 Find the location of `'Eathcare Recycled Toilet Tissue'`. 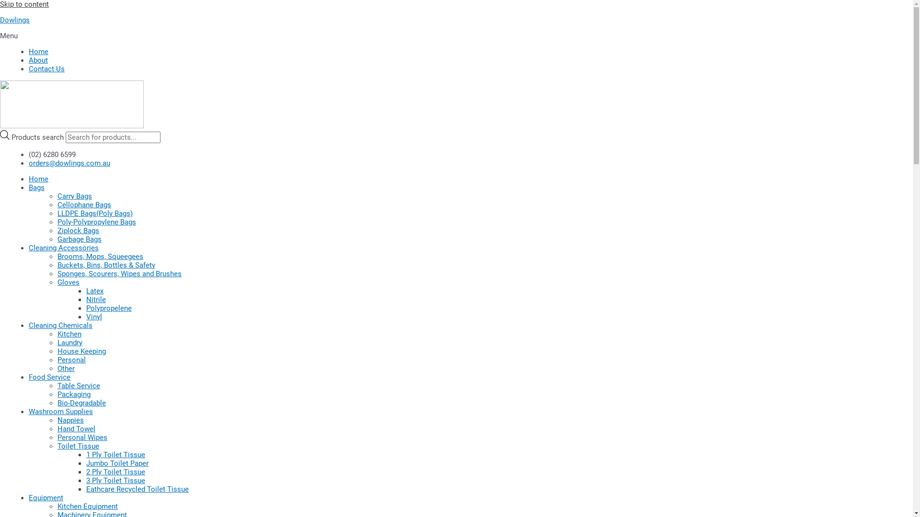

'Eathcare Recycled Toilet Tissue' is located at coordinates (137, 489).